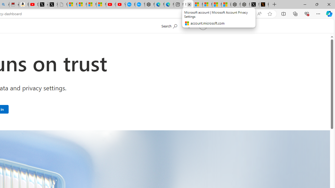  What do you see at coordinates (295, 13) in the screenshot?
I see `'Collections'` at bounding box center [295, 13].